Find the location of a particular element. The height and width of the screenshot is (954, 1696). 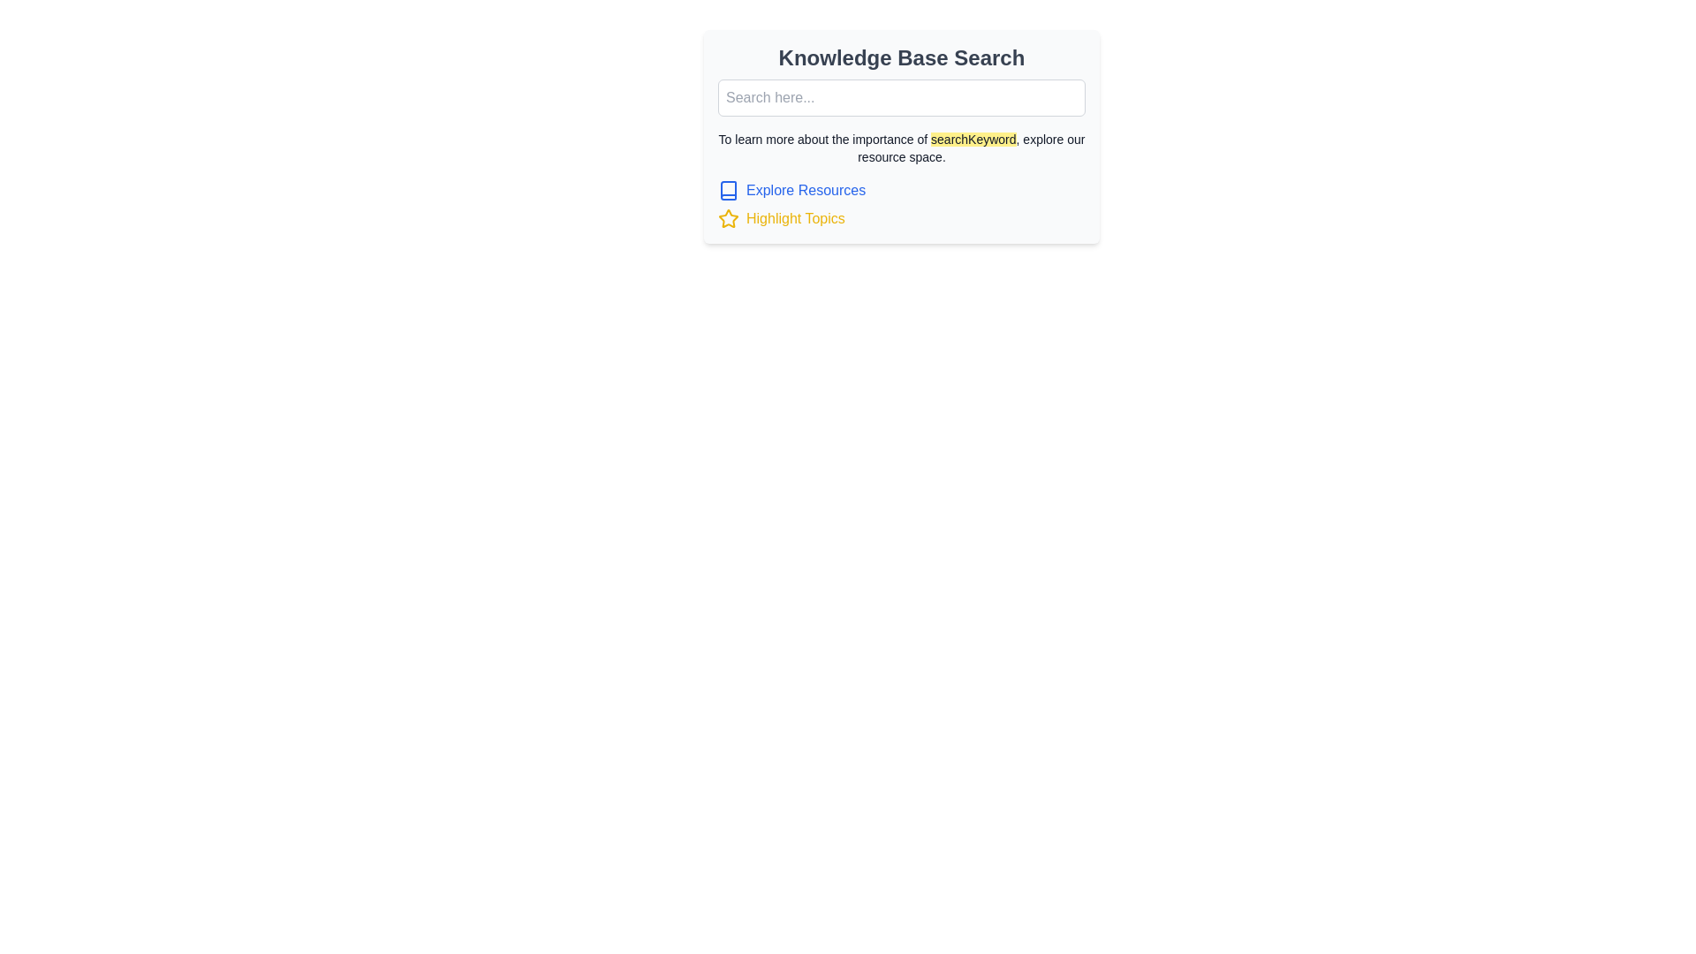

the highlighted text area used to emphasize 'searchKeyword' in the descriptive paragraph below the search bar of the 'Knowledge Base Search' interface is located at coordinates (973, 139).